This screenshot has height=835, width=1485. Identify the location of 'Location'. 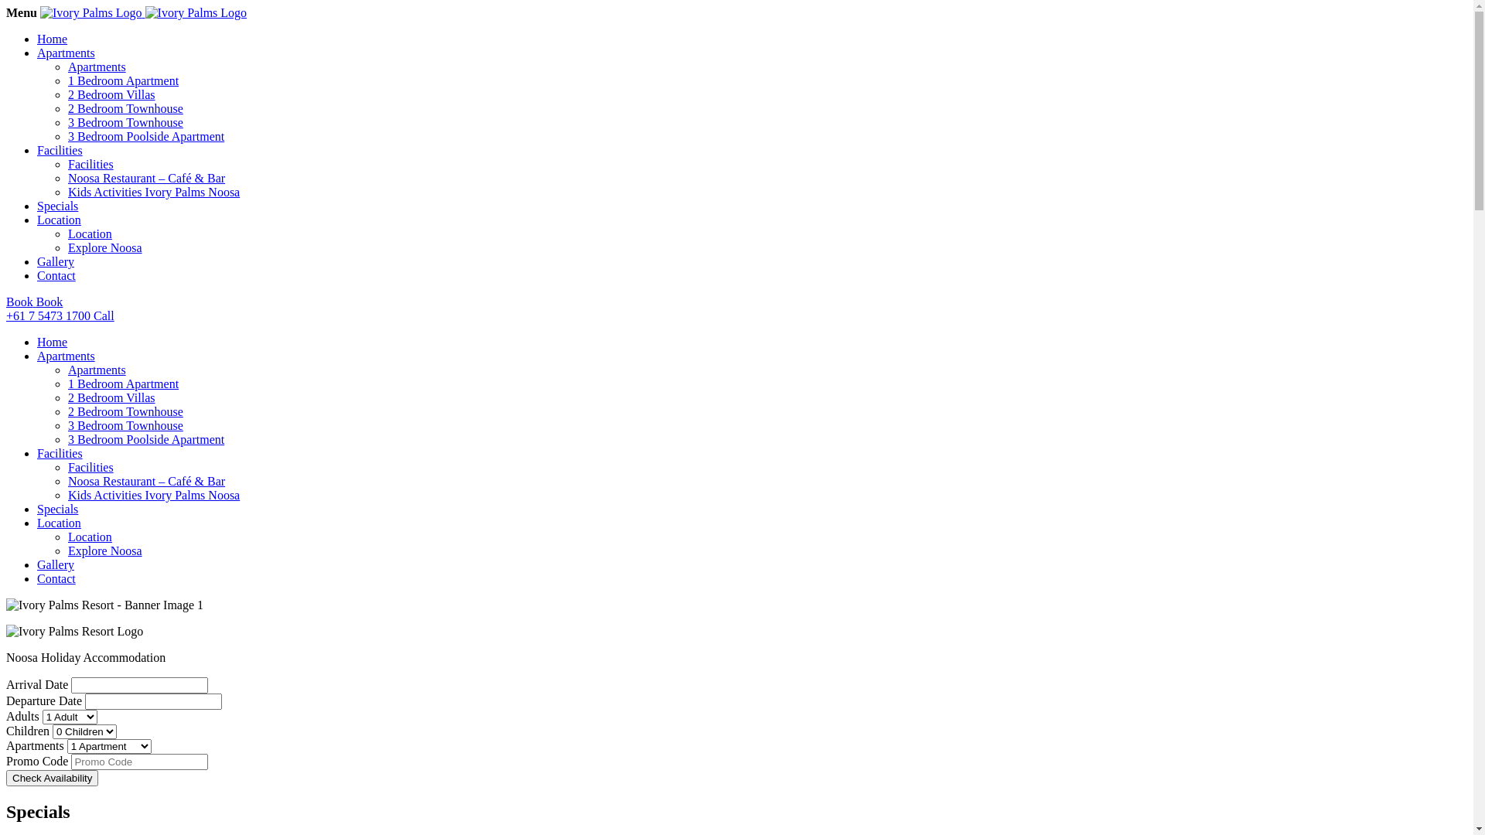
(59, 220).